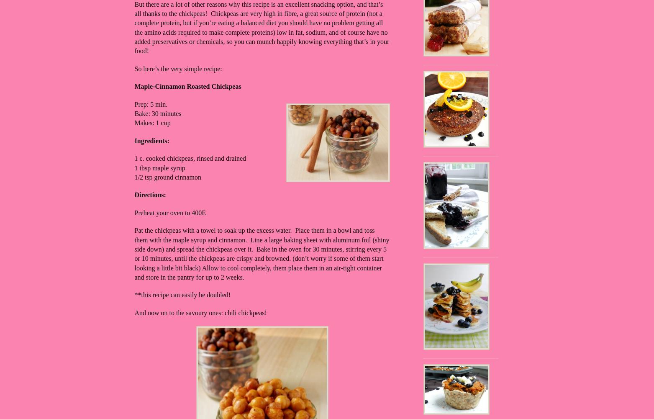 This screenshot has width=654, height=419. Describe the element at coordinates (134, 158) in the screenshot. I see `'1 c. cooked chickpeas, rinsed and drained'` at that location.